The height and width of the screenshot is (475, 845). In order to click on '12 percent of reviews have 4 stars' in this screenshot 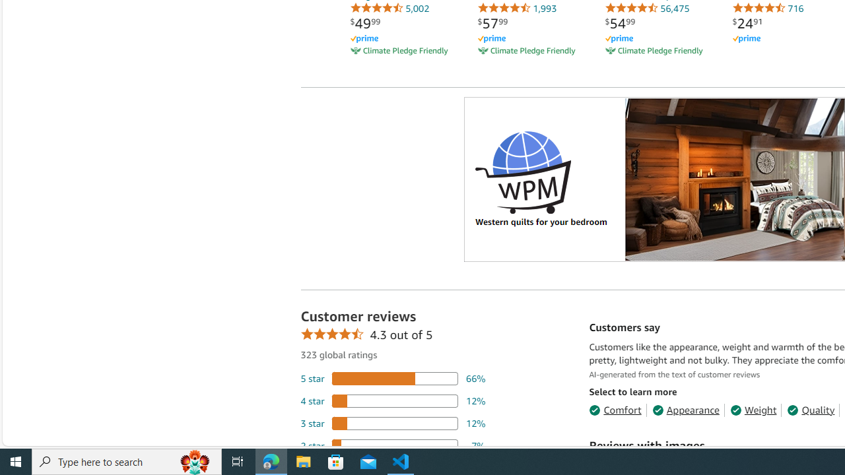, I will do `click(392, 400)`.